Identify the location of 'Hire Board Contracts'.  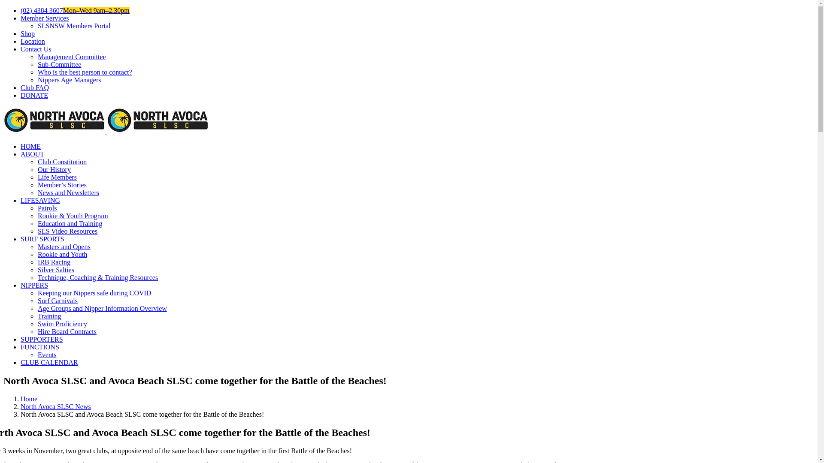
(67, 331).